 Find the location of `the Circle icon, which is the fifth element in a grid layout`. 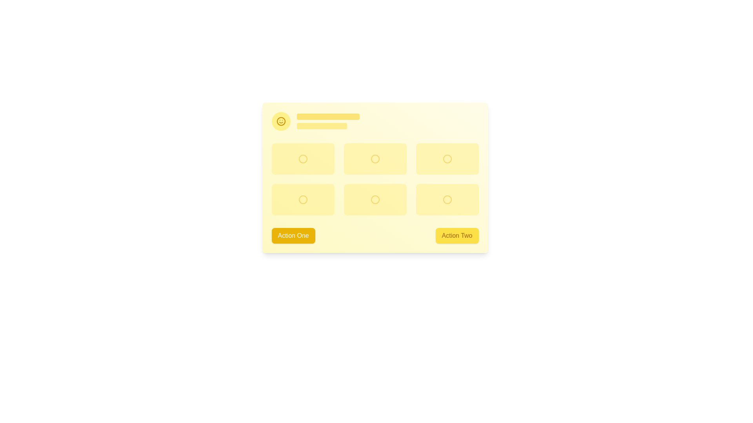

the Circle icon, which is the fifth element in a grid layout is located at coordinates (375, 199).